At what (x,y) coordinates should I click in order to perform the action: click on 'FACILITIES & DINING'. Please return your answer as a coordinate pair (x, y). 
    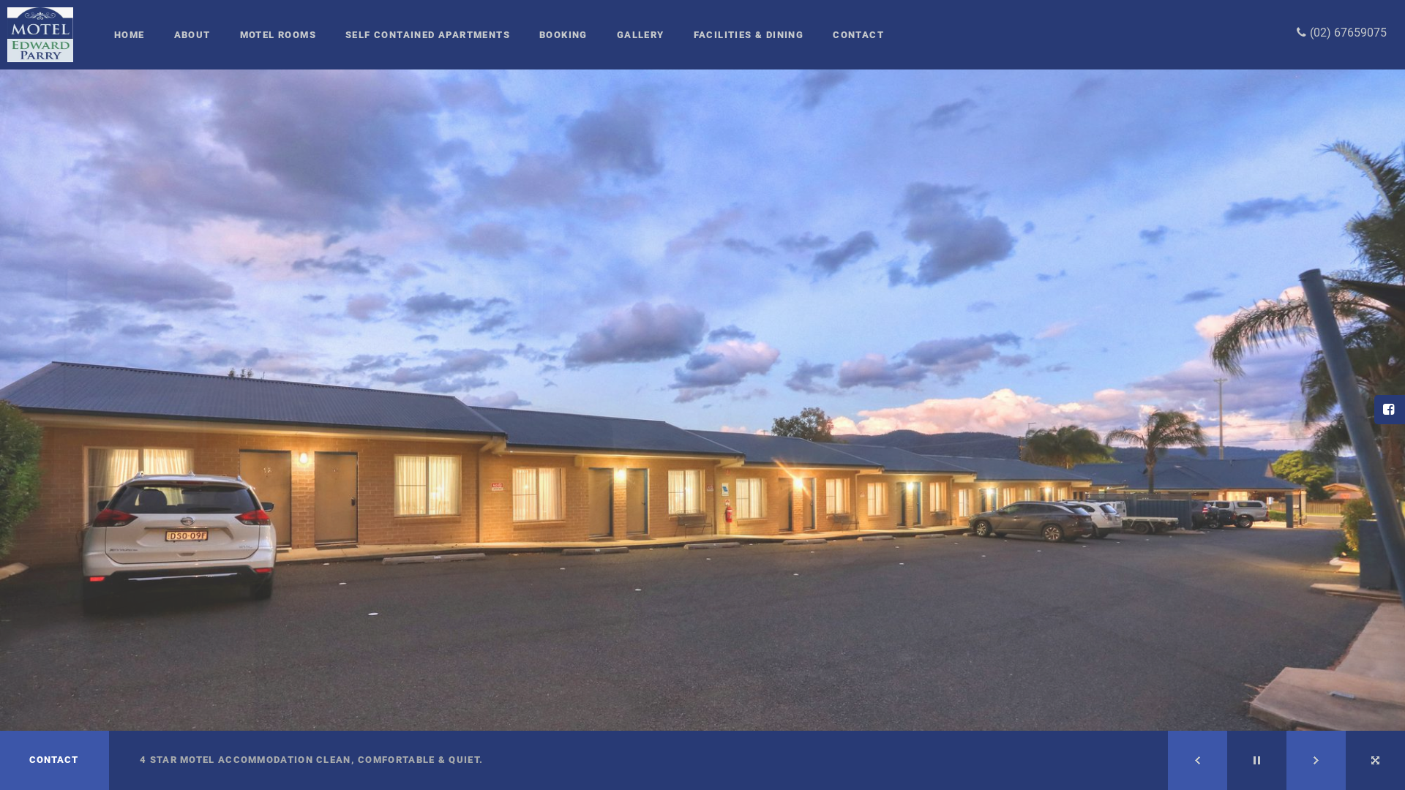
    Looking at the image, I should click on (749, 34).